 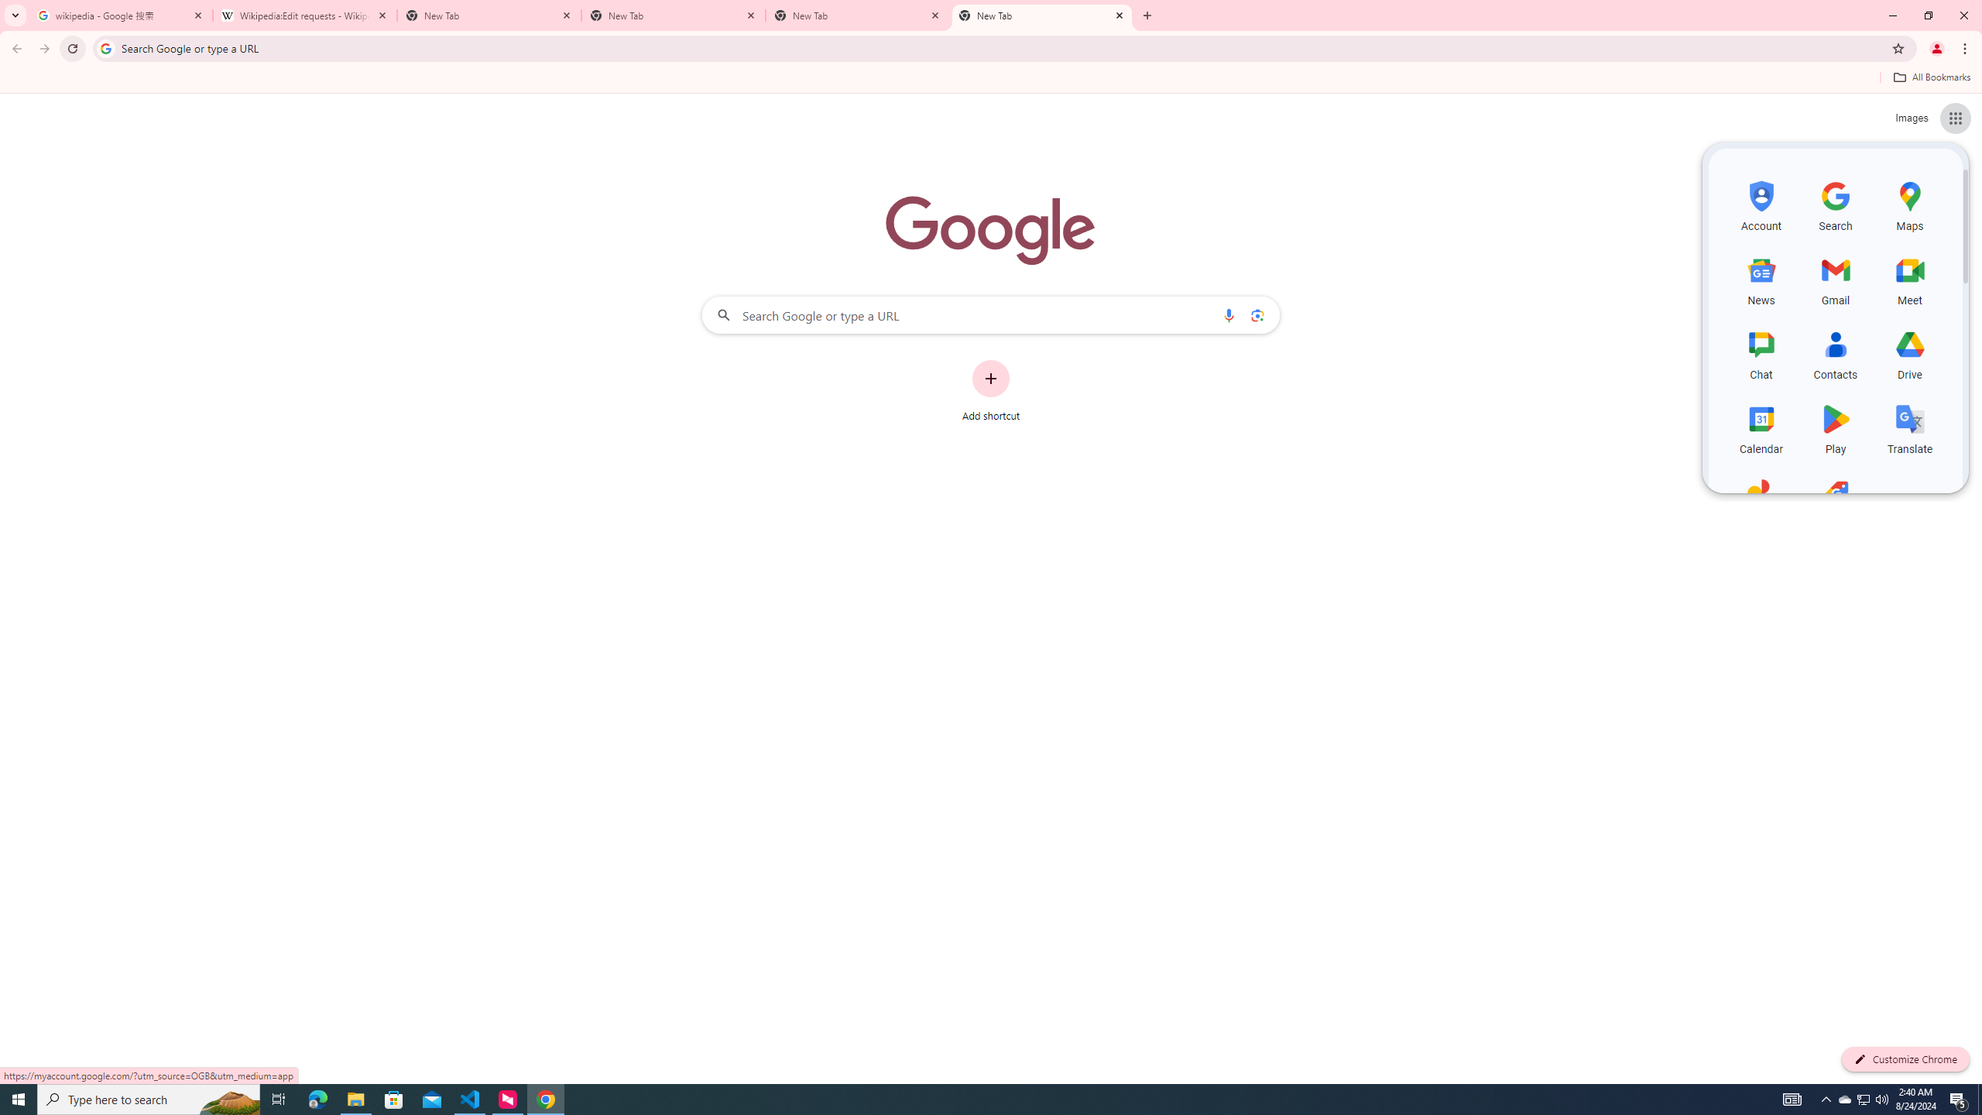 What do you see at coordinates (1836, 204) in the screenshot?
I see `'Search, row 1 of 5 and column 2 of 3 in the first section'` at bounding box center [1836, 204].